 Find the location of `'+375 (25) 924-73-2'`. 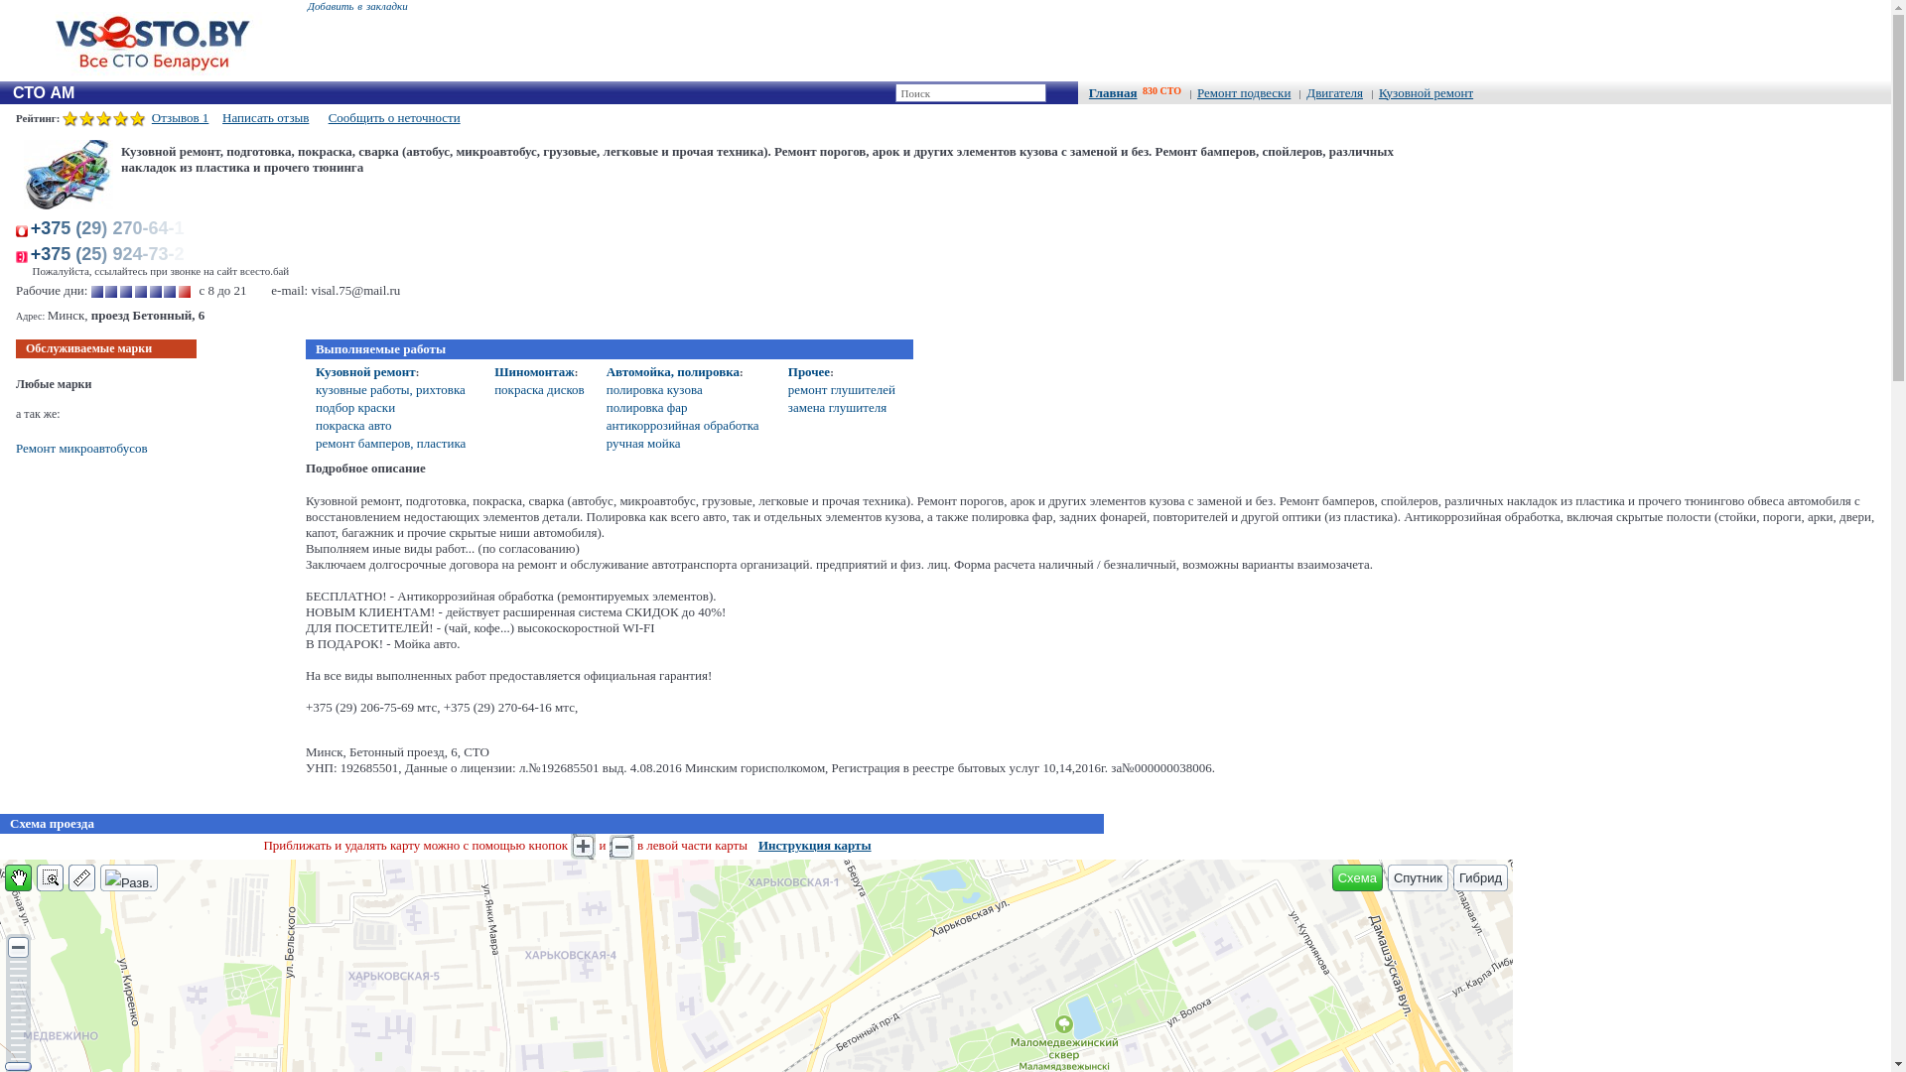

'+375 (25) 924-73-2' is located at coordinates (111, 252).